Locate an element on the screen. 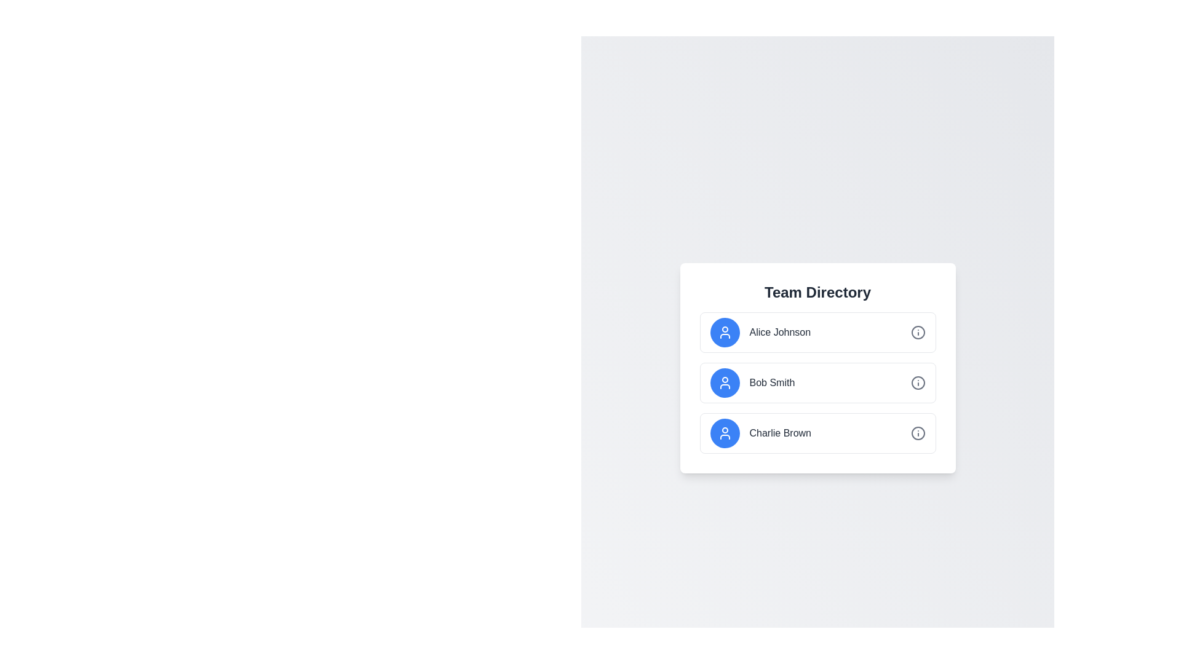 This screenshot has width=1181, height=664. the List item displaying the name 'Bob Smith' is located at coordinates (817, 382).